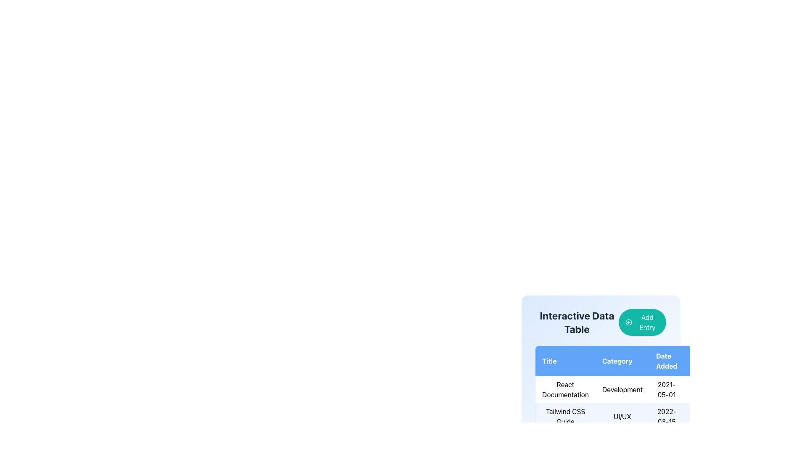 The height and width of the screenshot is (454, 807). I want to click on the first table cell in the row under the 'Title' header, which contains descriptive information about a guide for Tailwind CSS, so click(565, 417).